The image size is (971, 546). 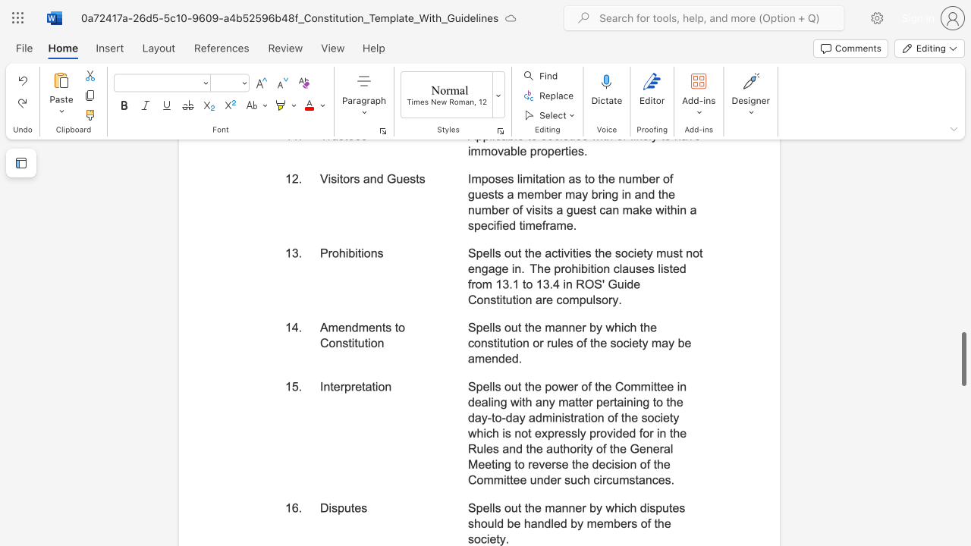 What do you see at coordinates (467, 522) in the screenshot?
I see `the subset text "should be ha" within the text "Spells out the manner by which disputes should be handled by members of the society."` at bounding box center [467, 522].